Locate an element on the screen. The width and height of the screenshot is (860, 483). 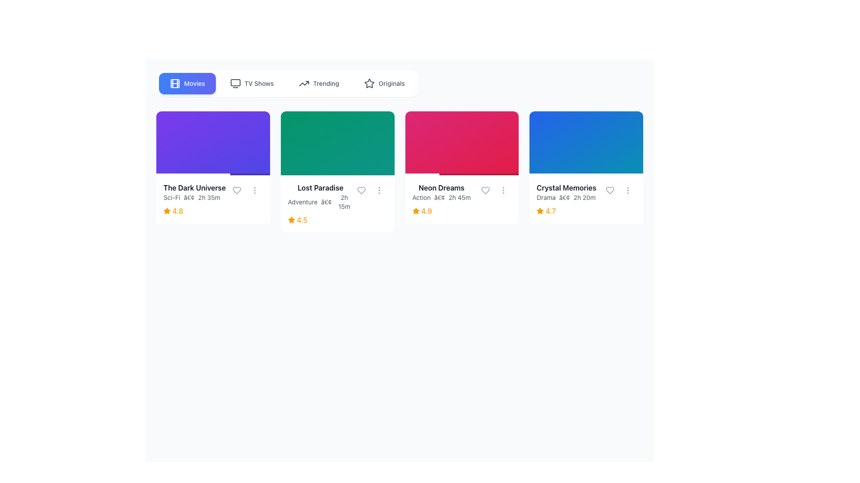
the heart-shaped icon in the 'Neon Dreams' movie card to mark the movie as favorite is located at coordinates (485, 190).